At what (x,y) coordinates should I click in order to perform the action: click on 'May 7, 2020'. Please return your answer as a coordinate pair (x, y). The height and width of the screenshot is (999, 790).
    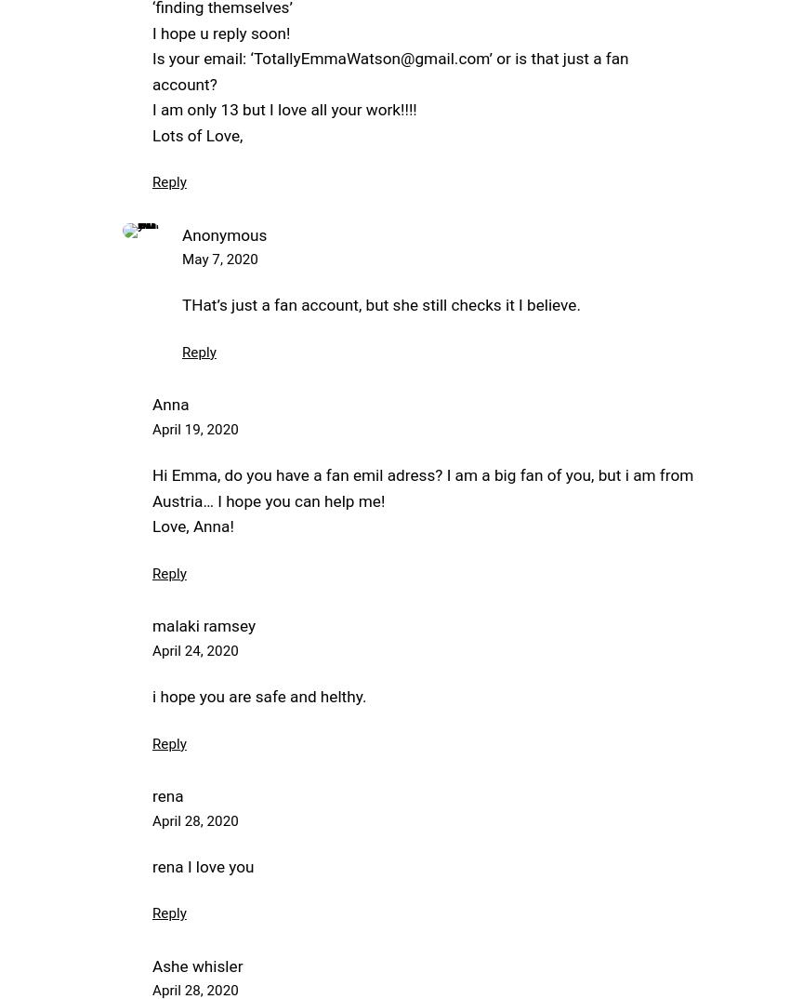
    Looking at the image, I should click on (219, 260).